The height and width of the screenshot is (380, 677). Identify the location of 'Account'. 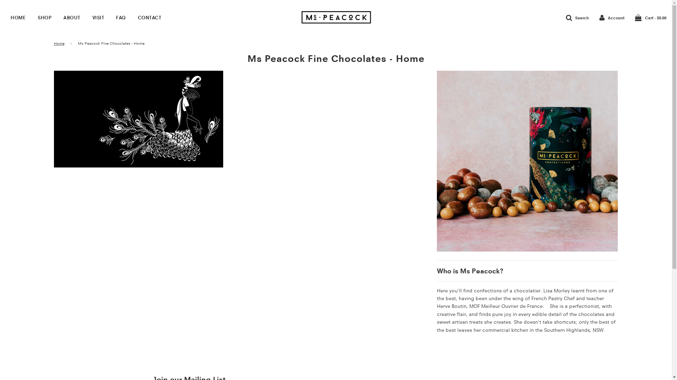
(611, 17).